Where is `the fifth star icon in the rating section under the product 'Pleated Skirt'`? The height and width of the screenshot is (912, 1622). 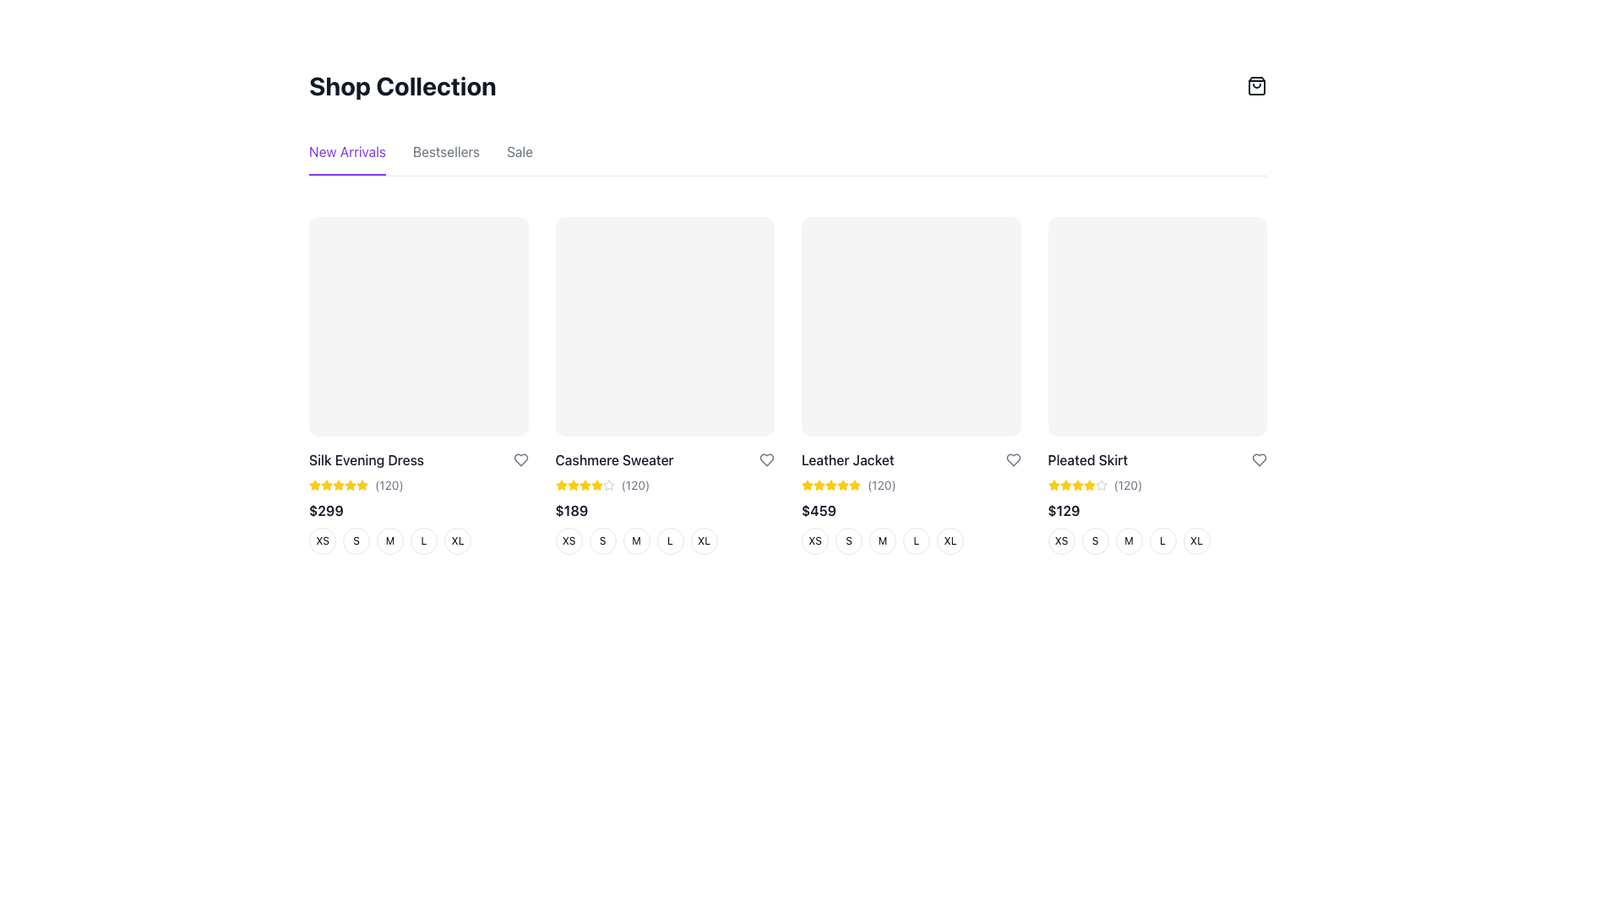 the fifth star icon in the rating section under the product 'Pleated Skirt' is located at coordinates (1089, 485).